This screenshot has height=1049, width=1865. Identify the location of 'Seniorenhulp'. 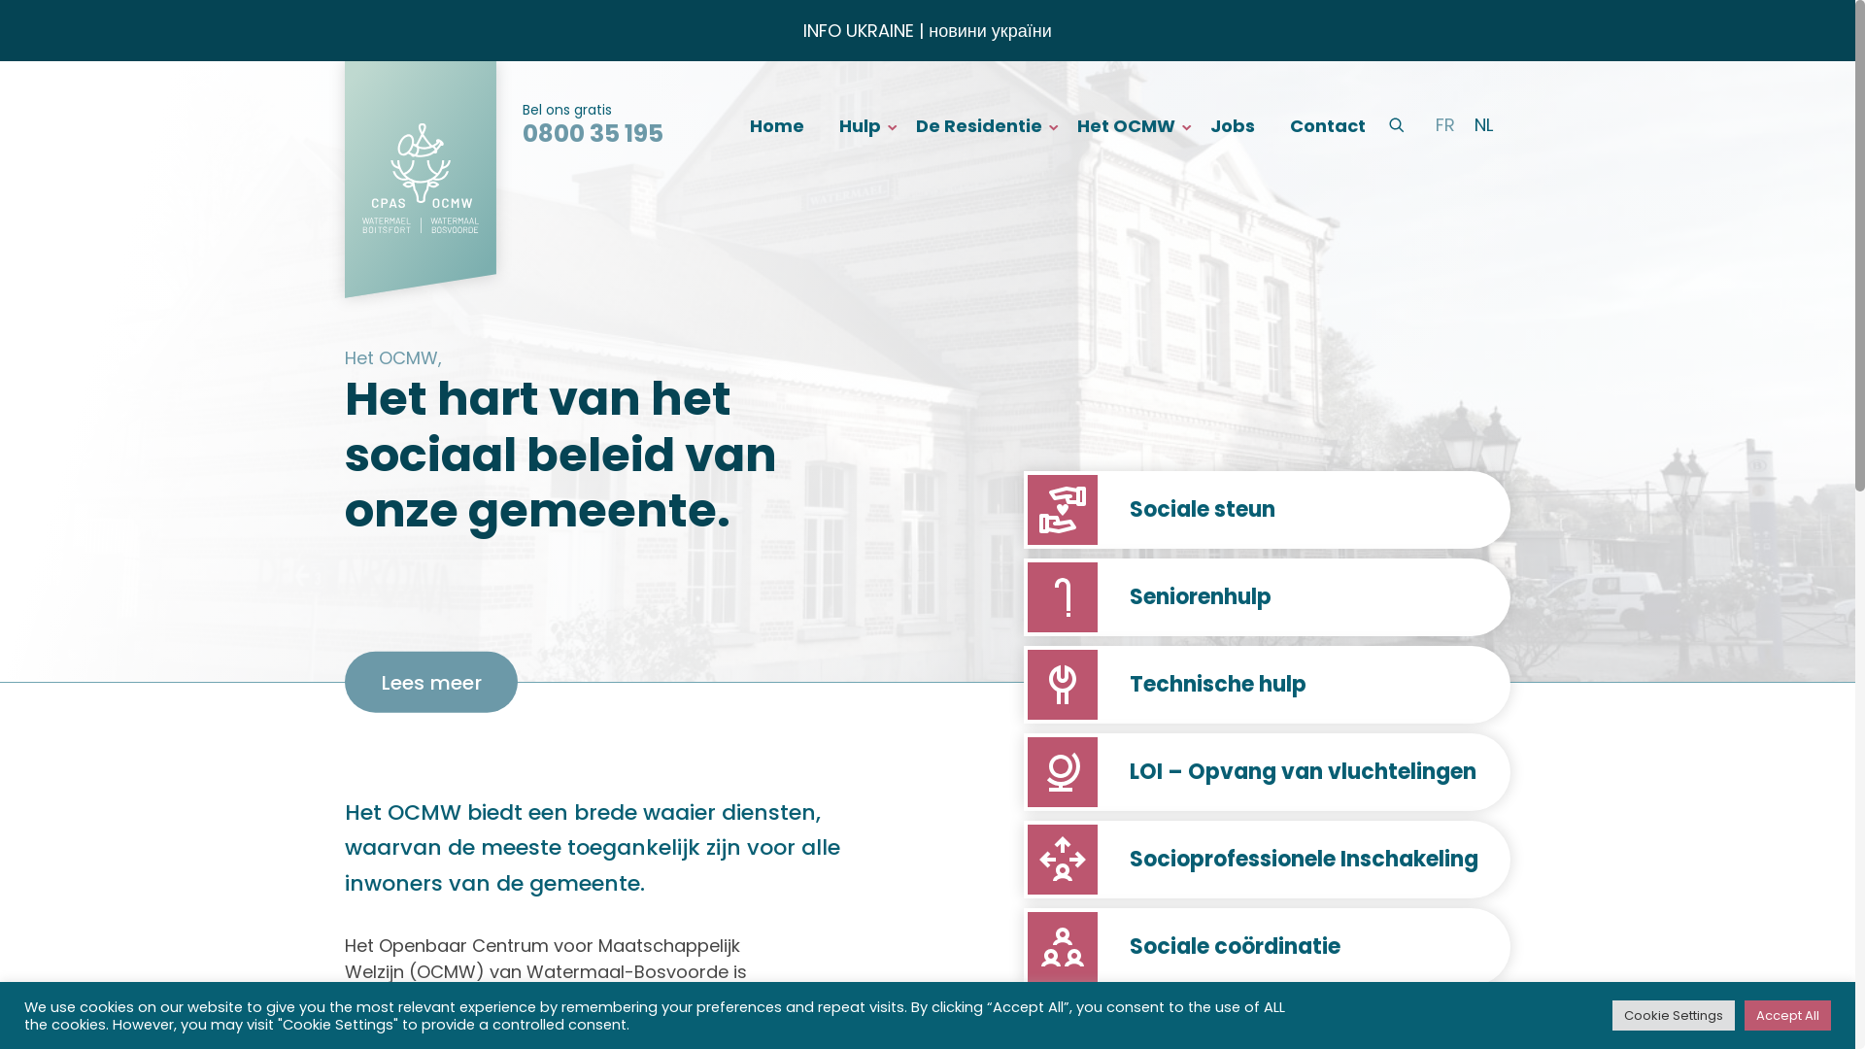
(1267, 595).